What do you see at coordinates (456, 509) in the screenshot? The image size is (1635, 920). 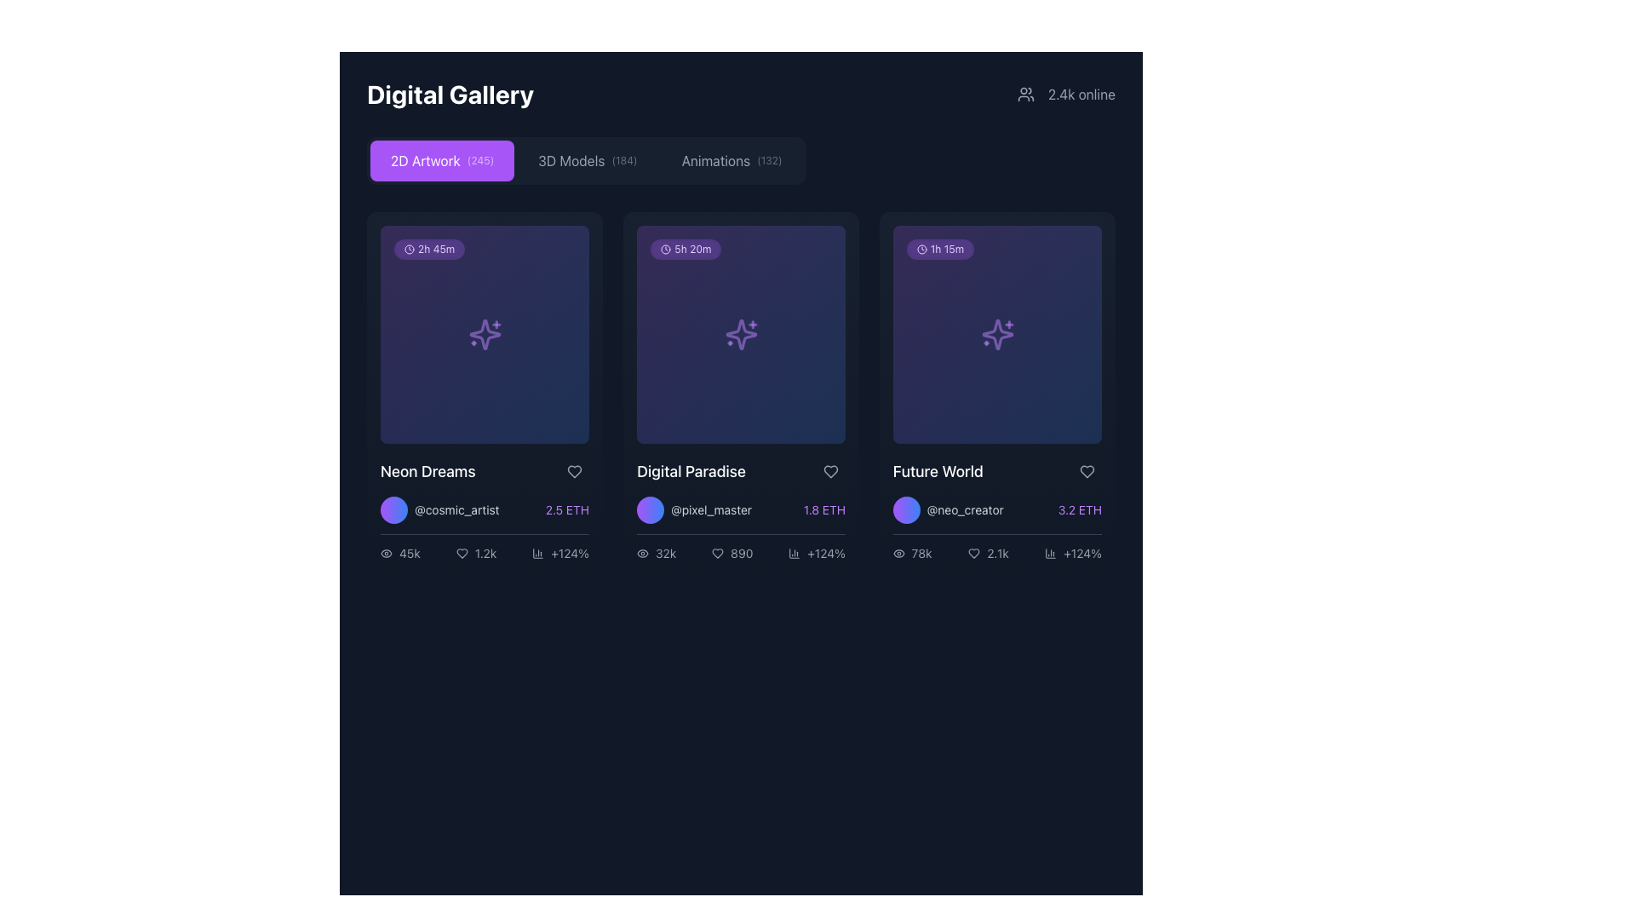 I see `the text label '@cosmic_artist' located to the right of the avatar image` at bounding box center [456, 509].